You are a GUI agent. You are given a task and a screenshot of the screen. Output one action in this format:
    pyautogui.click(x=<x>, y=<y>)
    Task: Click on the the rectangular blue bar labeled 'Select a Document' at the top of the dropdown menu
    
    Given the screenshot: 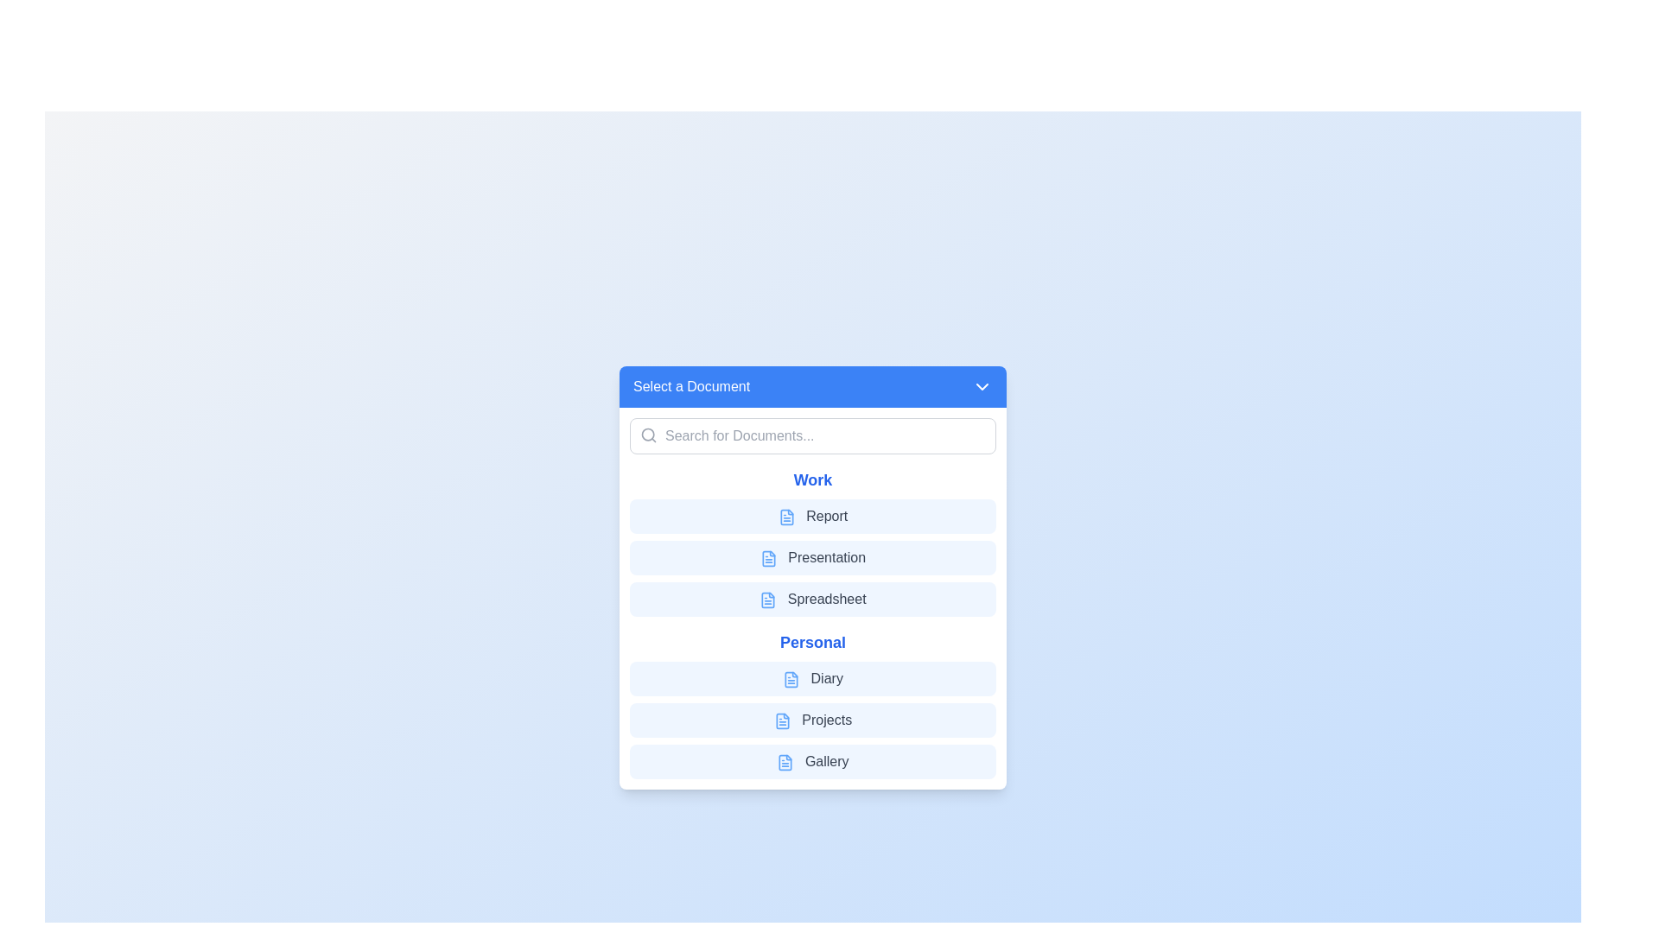 What is the action you would take?
    pyautogui.click(x=811, y=385)
    